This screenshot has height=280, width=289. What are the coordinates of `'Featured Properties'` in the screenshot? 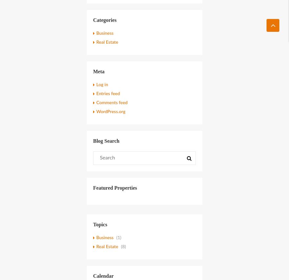 It's located at (115, 187).